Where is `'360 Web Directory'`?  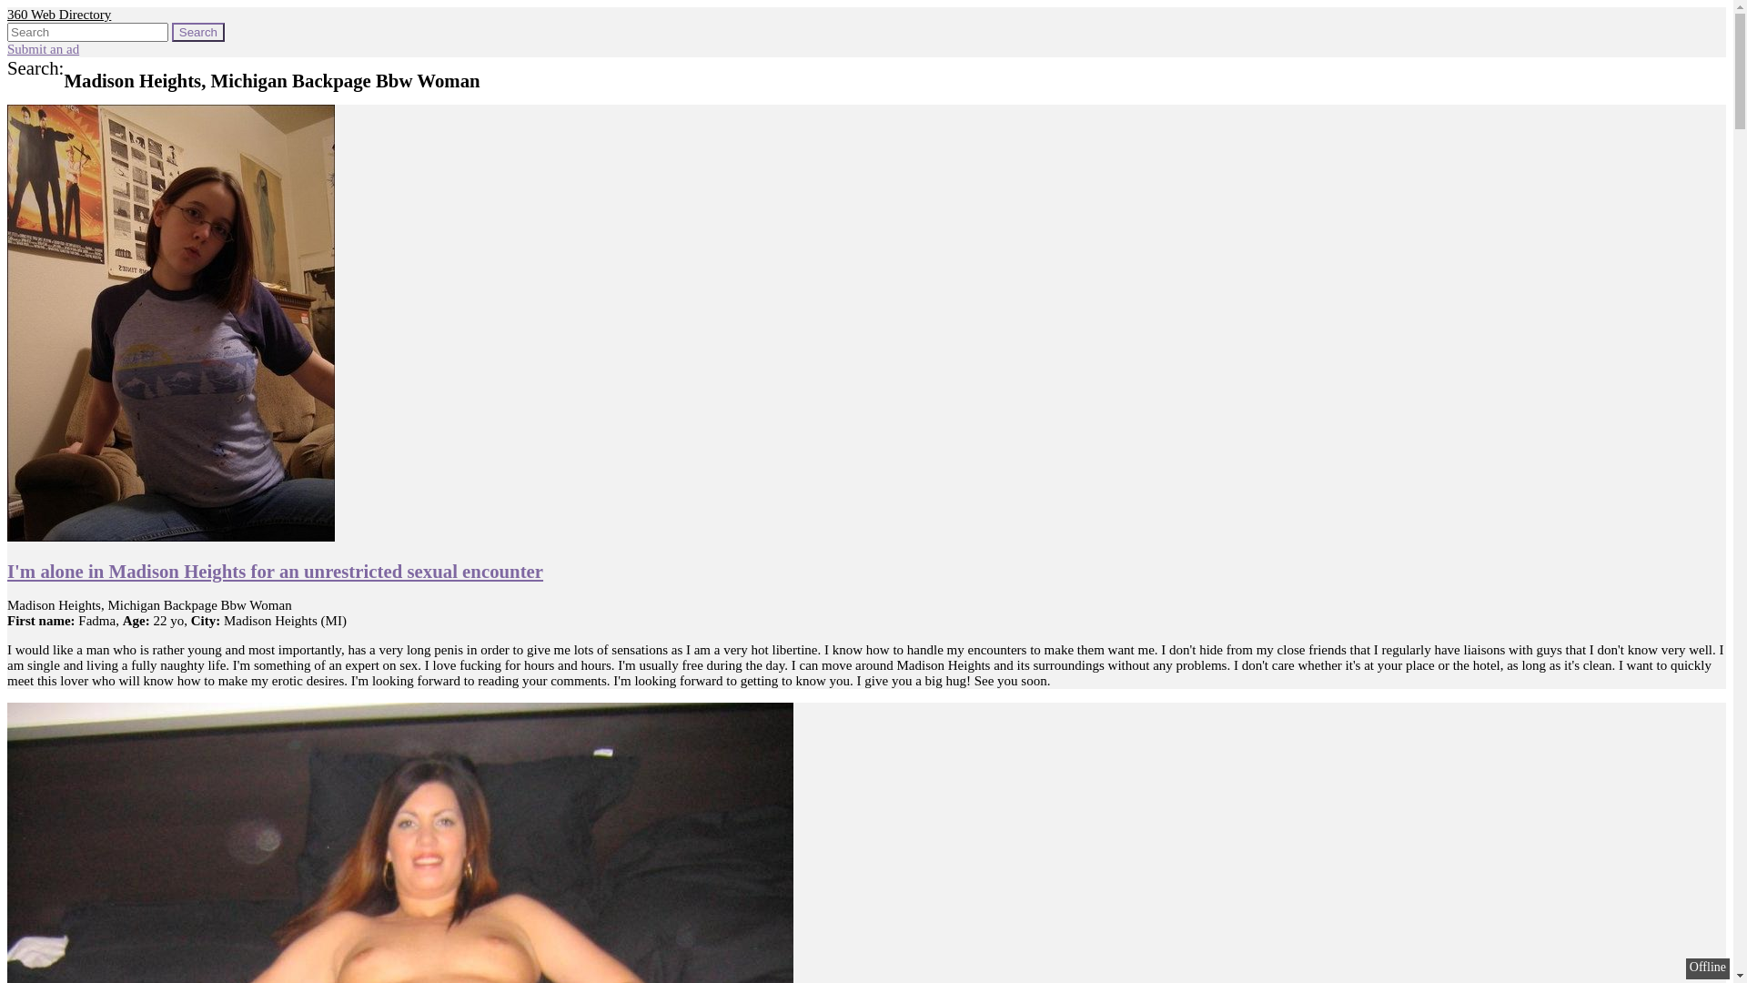
'360 Web Directory' is located at coordinates (59, 14).